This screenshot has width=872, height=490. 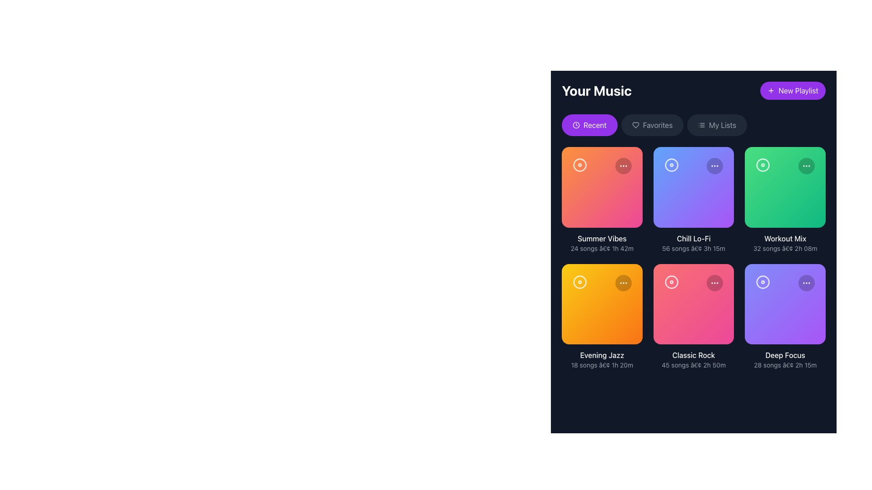 I want to click on the button in the 'Chill Lo-Fi' playlist card, so click(x=671, y=165).